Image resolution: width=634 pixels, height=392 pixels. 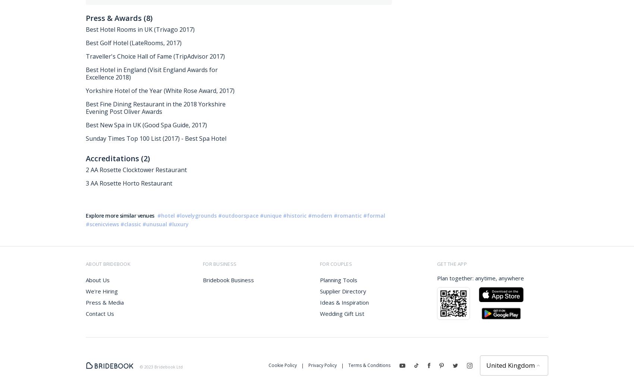 I want to click on '3 AA Rosette Horto Restaurant', so click(x=128, y=183).